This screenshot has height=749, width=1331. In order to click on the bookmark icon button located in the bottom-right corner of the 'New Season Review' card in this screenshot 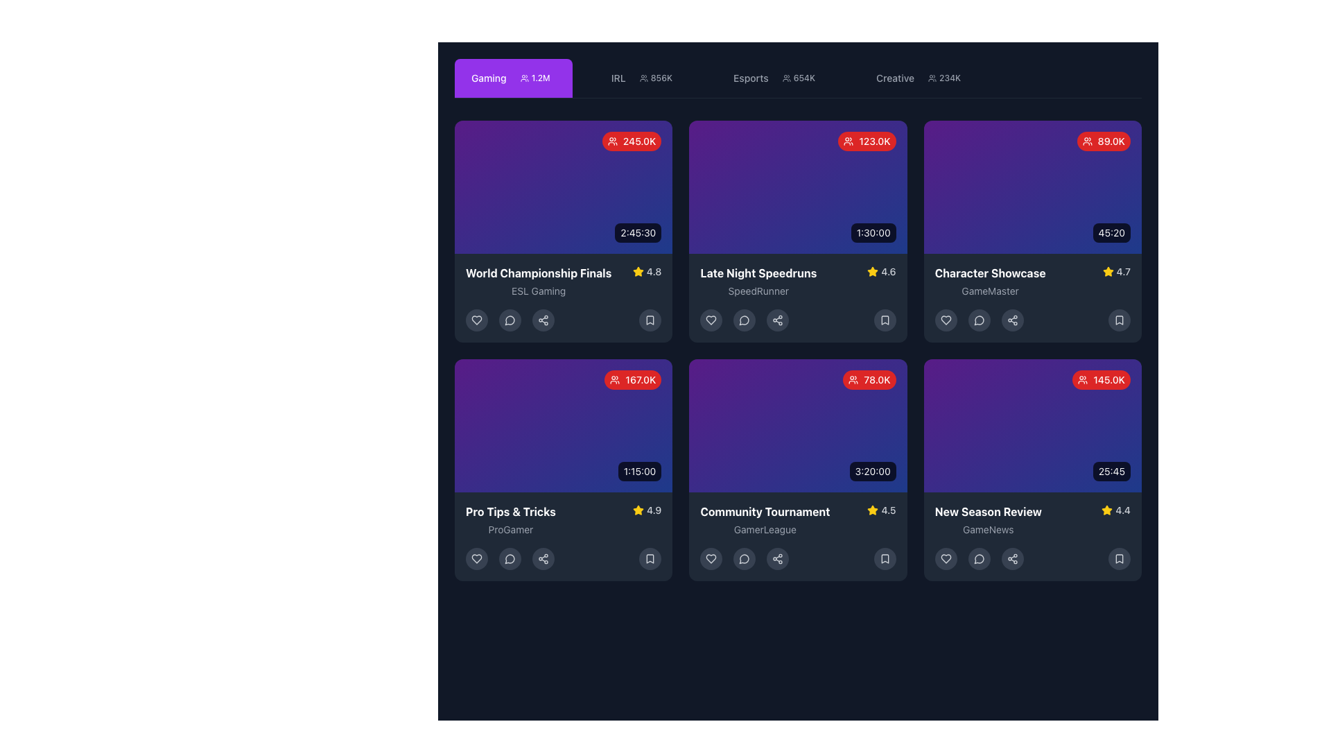, I will do `click(1119, 558)`.